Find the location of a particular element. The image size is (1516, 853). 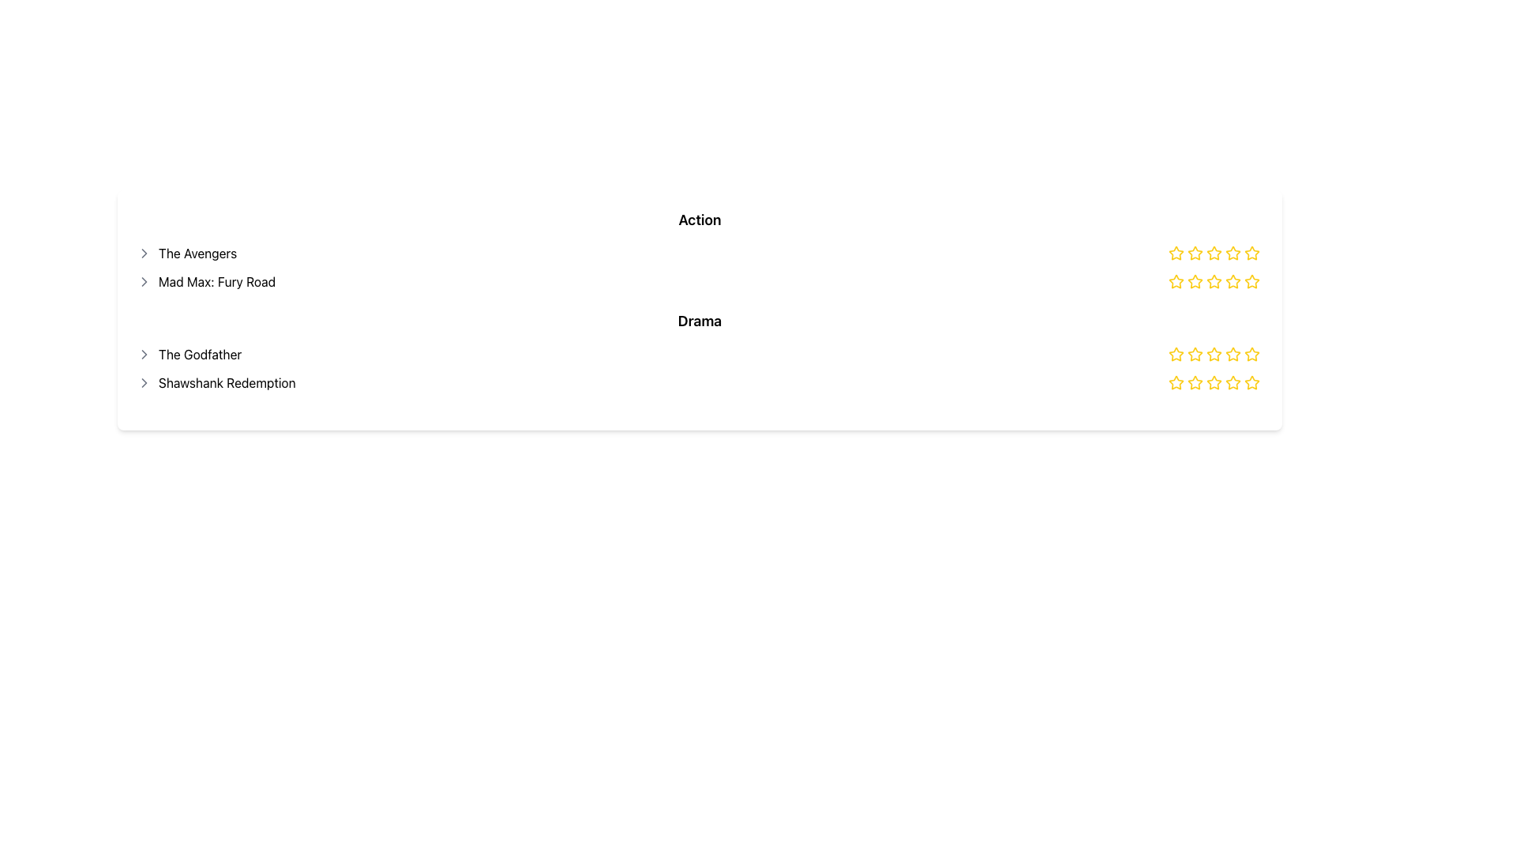

the movie title label located under the 'Drama' category, specifically the first entry beneath 'The Godfather', to highlight the information is located at coordinates (215, 383).